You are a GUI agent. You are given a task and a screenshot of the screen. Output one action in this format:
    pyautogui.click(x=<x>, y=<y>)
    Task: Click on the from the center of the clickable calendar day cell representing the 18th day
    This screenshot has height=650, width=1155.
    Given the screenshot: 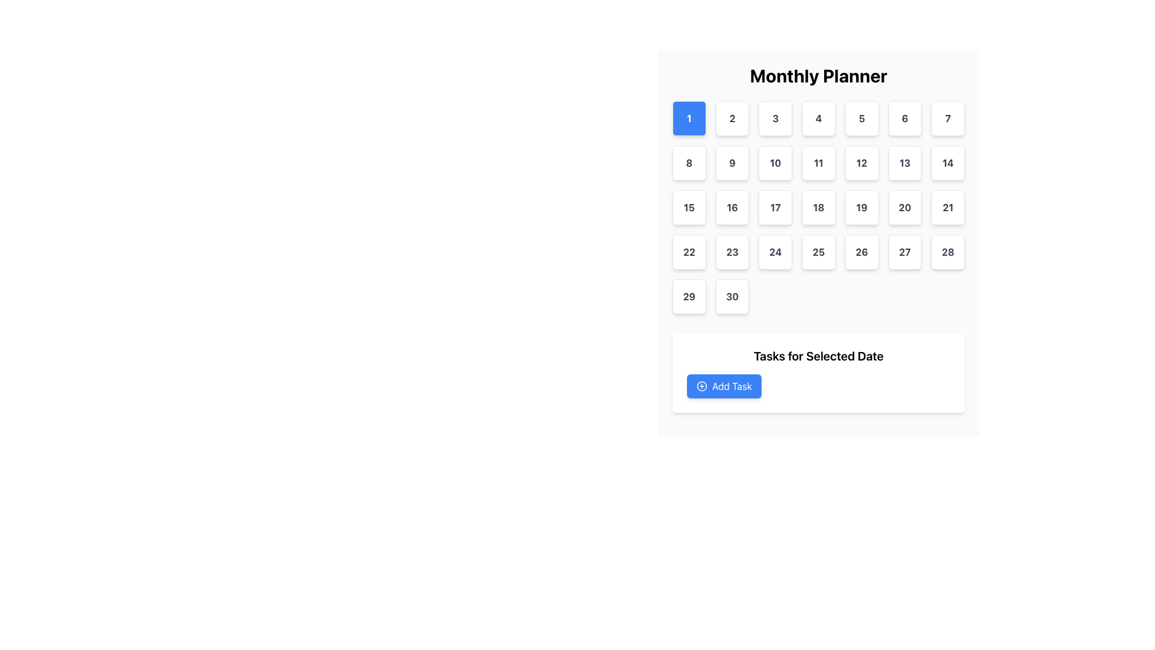 What is the action you would take?
    pyautogui.click(x=818, y=206)
    